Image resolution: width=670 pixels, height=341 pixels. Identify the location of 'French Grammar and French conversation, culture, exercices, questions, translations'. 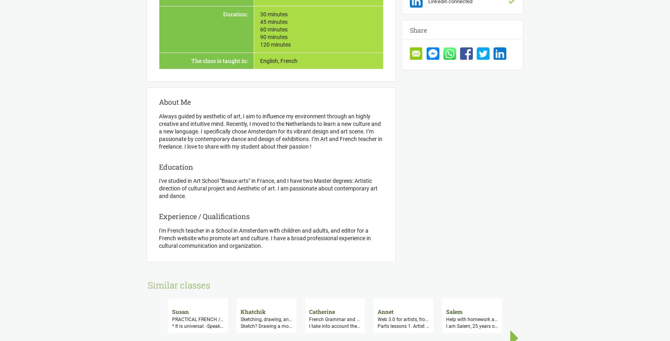
(399, 319).